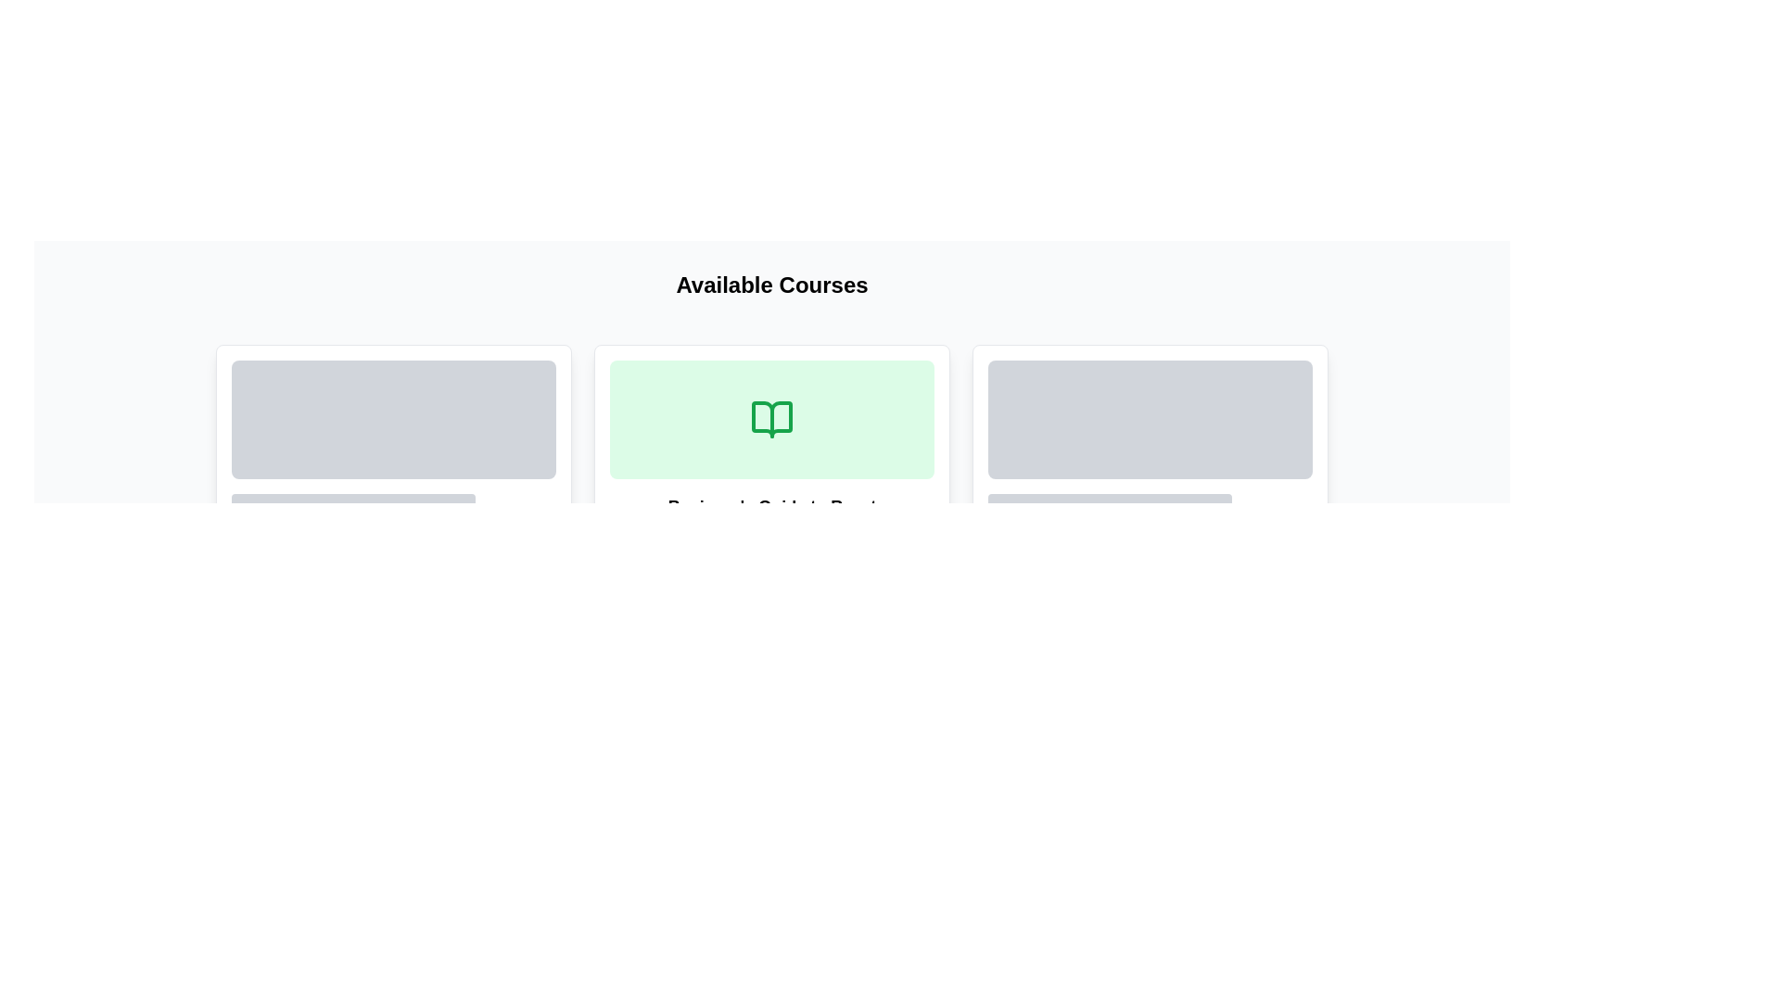  I want to click on the heading text 'Available Courses' which is styled in bold and positioned above the grid of course cards, so click(771, 285).